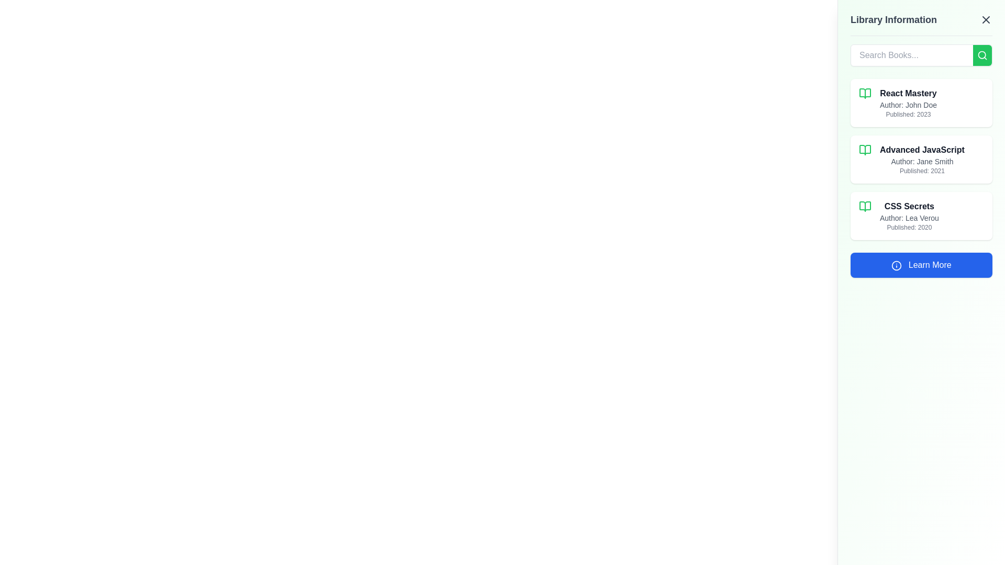 This screenshot has height=565, width=1005. What do you see at coordinates (981, 55) in the screenshot?
I see `the search icon located in the green circular button at the top-right corner of the sidebar` at bounding box center [981, 55].